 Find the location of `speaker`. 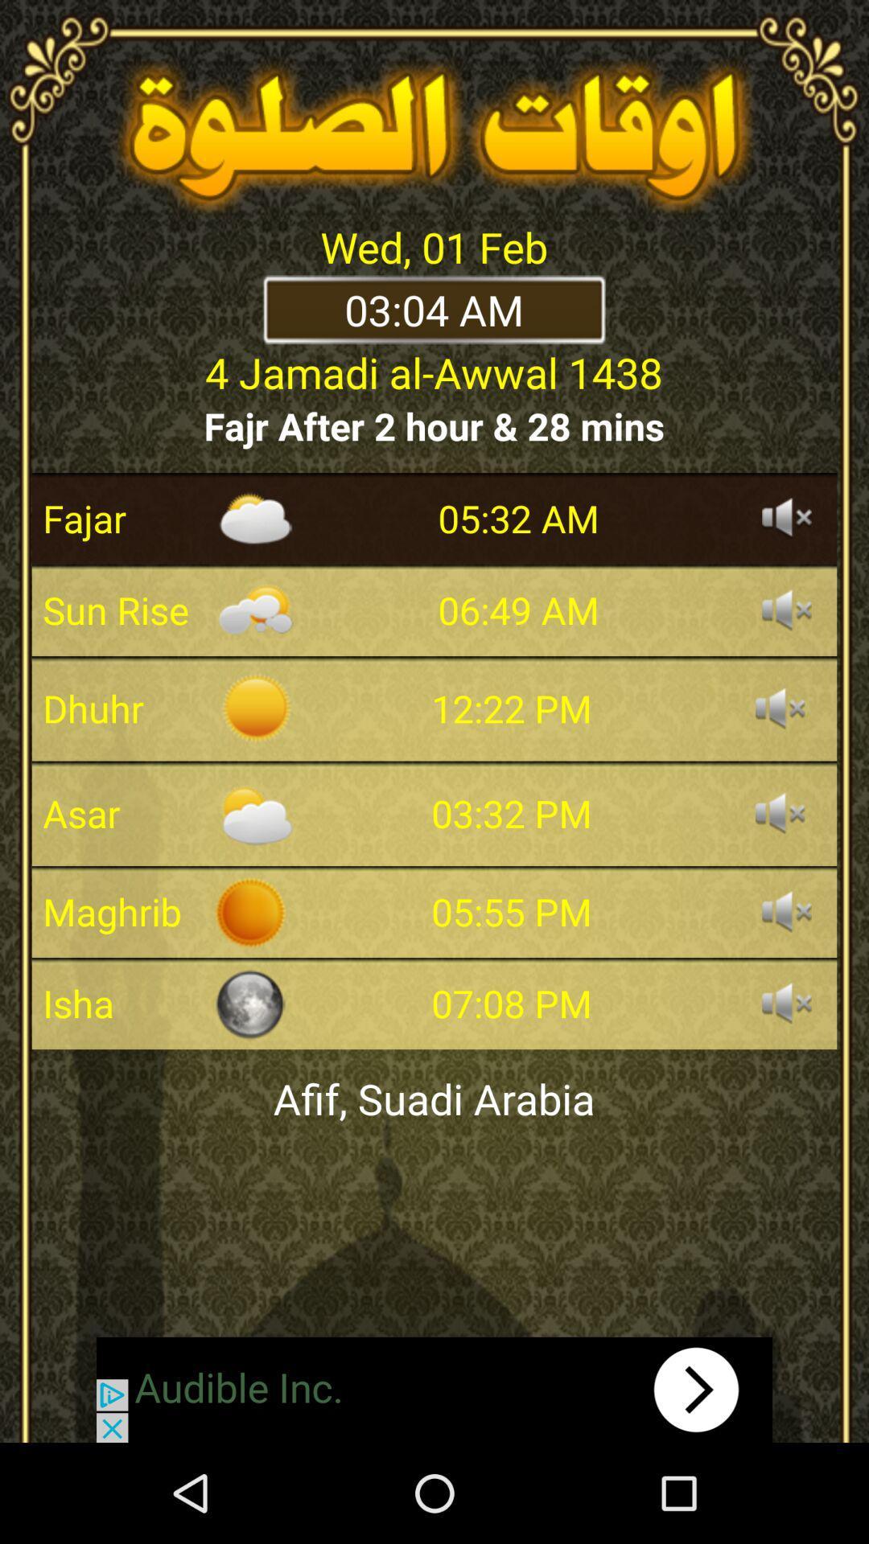

speaker is located at coordinates (779, 813).